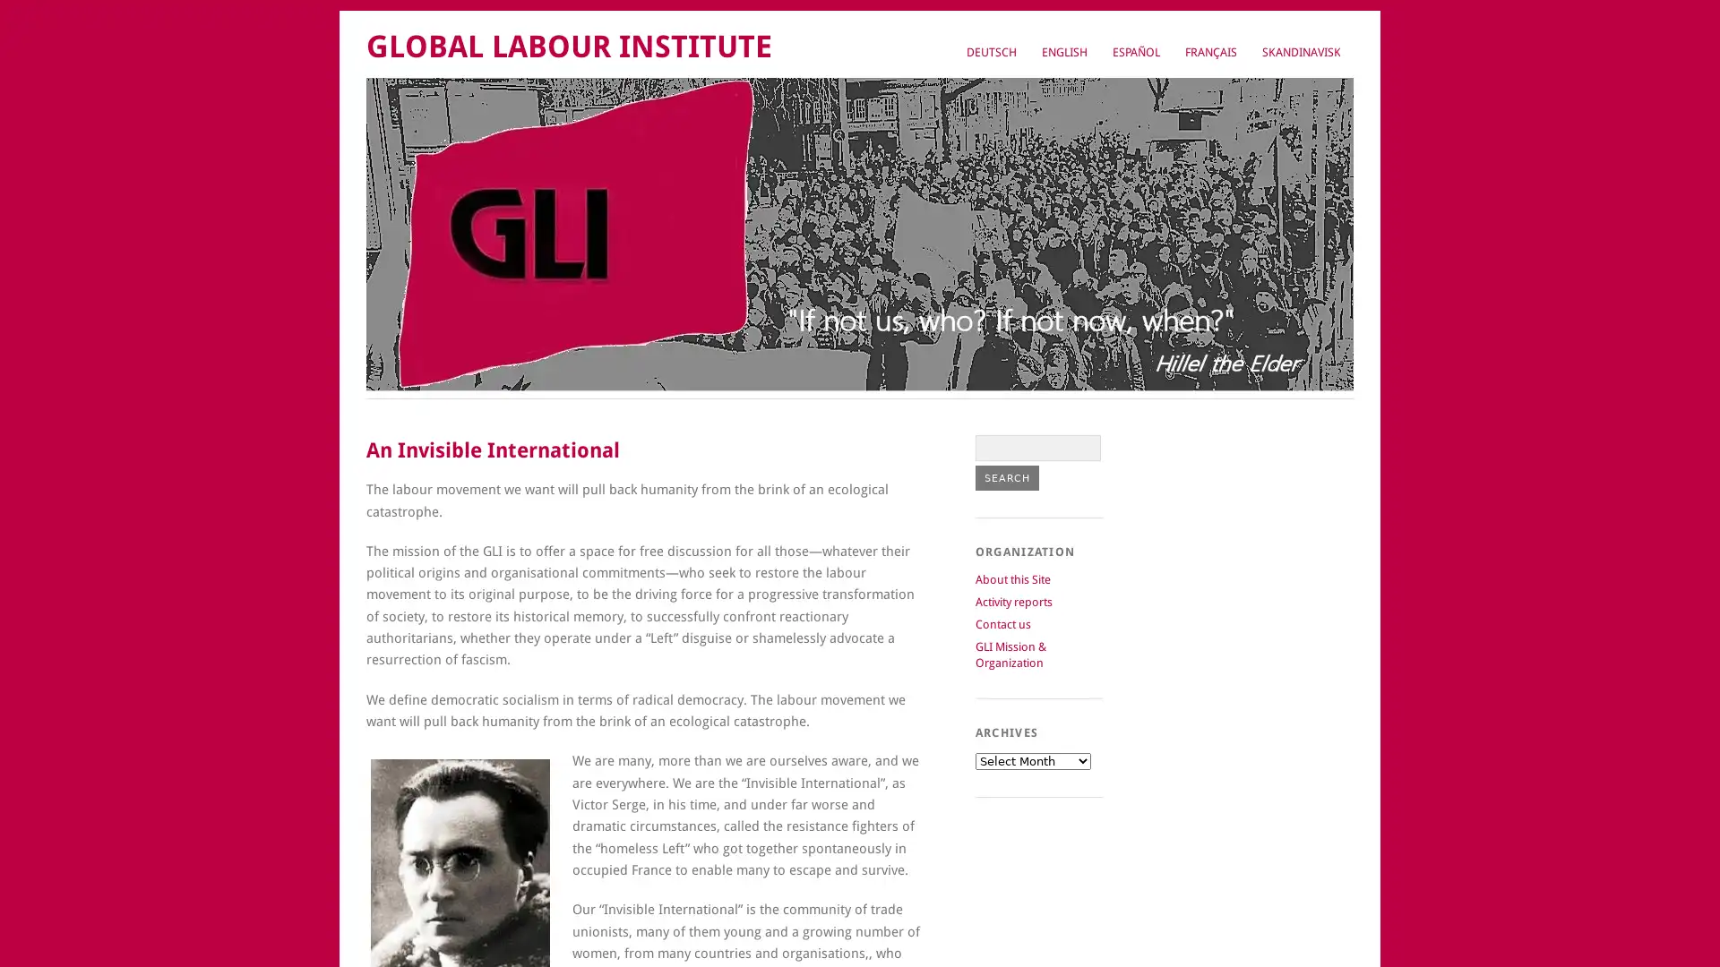 This screenshot has height=967, width=1720. What do you see at coordinates (1006, 476) in the screenshot?
I see `Search` at bounding box center [1006, 476].